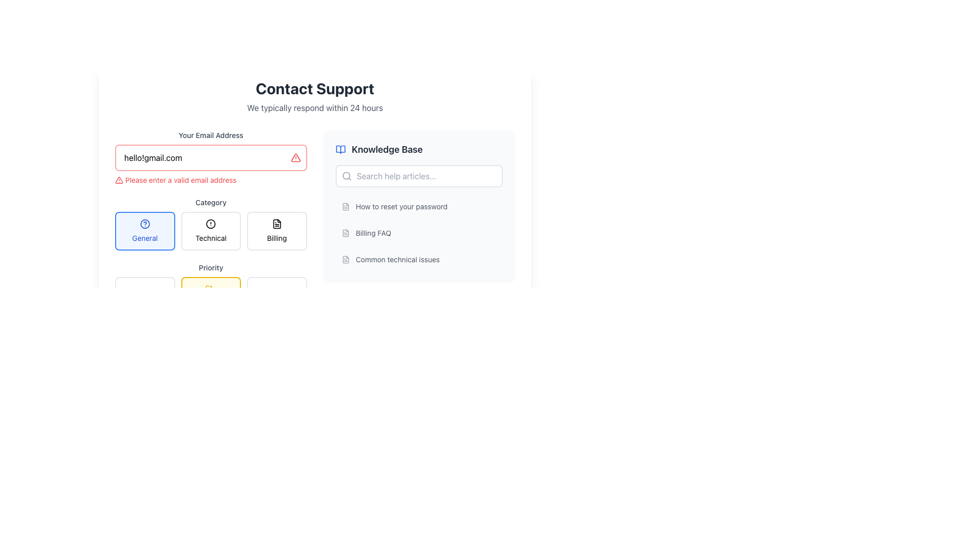 Image resolution: width=978 pixels, height=550 pixels. What do you see at coordinates (314, 88) in the screenshot?
I see `the Header text located at the top section of the page, which serves as a title or header for the section` at bounding box center [314, 88].